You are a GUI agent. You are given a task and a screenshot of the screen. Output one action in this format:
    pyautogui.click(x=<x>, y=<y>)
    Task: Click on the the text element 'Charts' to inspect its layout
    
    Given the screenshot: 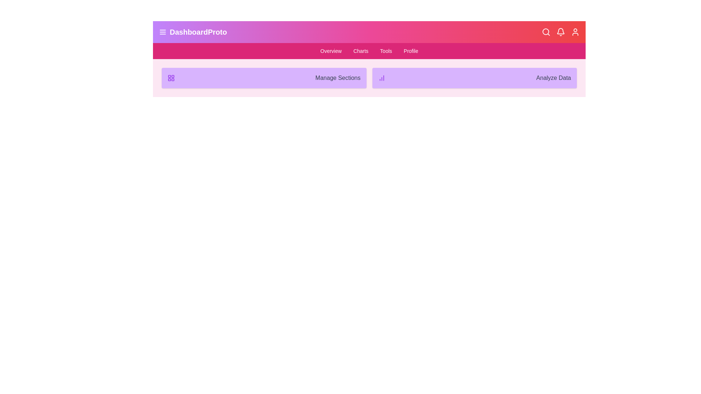 What is the action you would take?
    pyautogui.click(x=361, y=50)
    